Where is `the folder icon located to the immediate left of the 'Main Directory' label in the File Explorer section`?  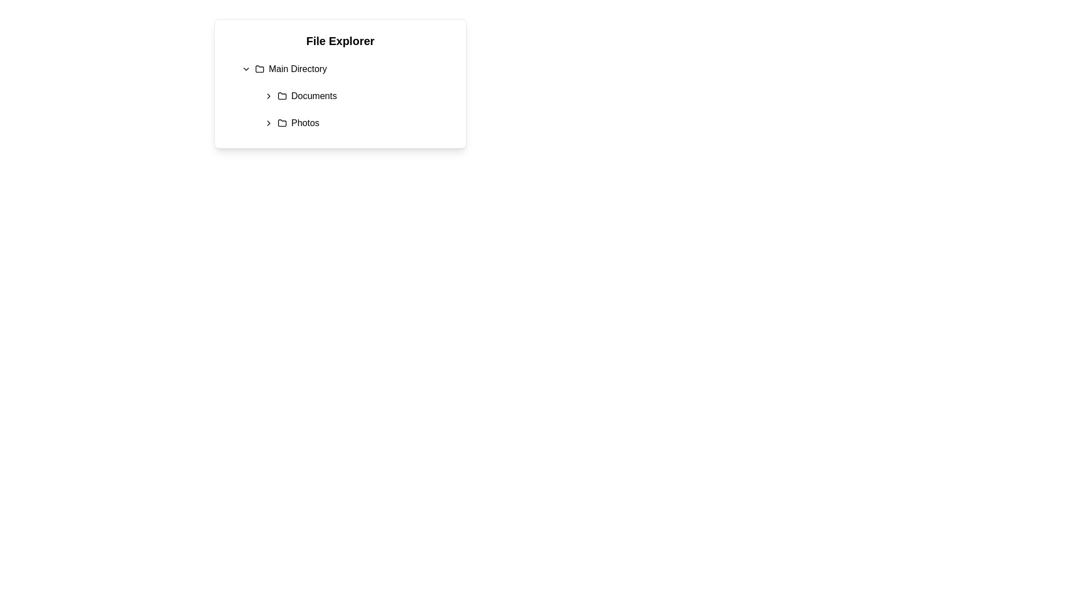 the folder icon located to the immediate left of the 'Main Directory' label in the File Explorer section is located at coordinates (259, 69).